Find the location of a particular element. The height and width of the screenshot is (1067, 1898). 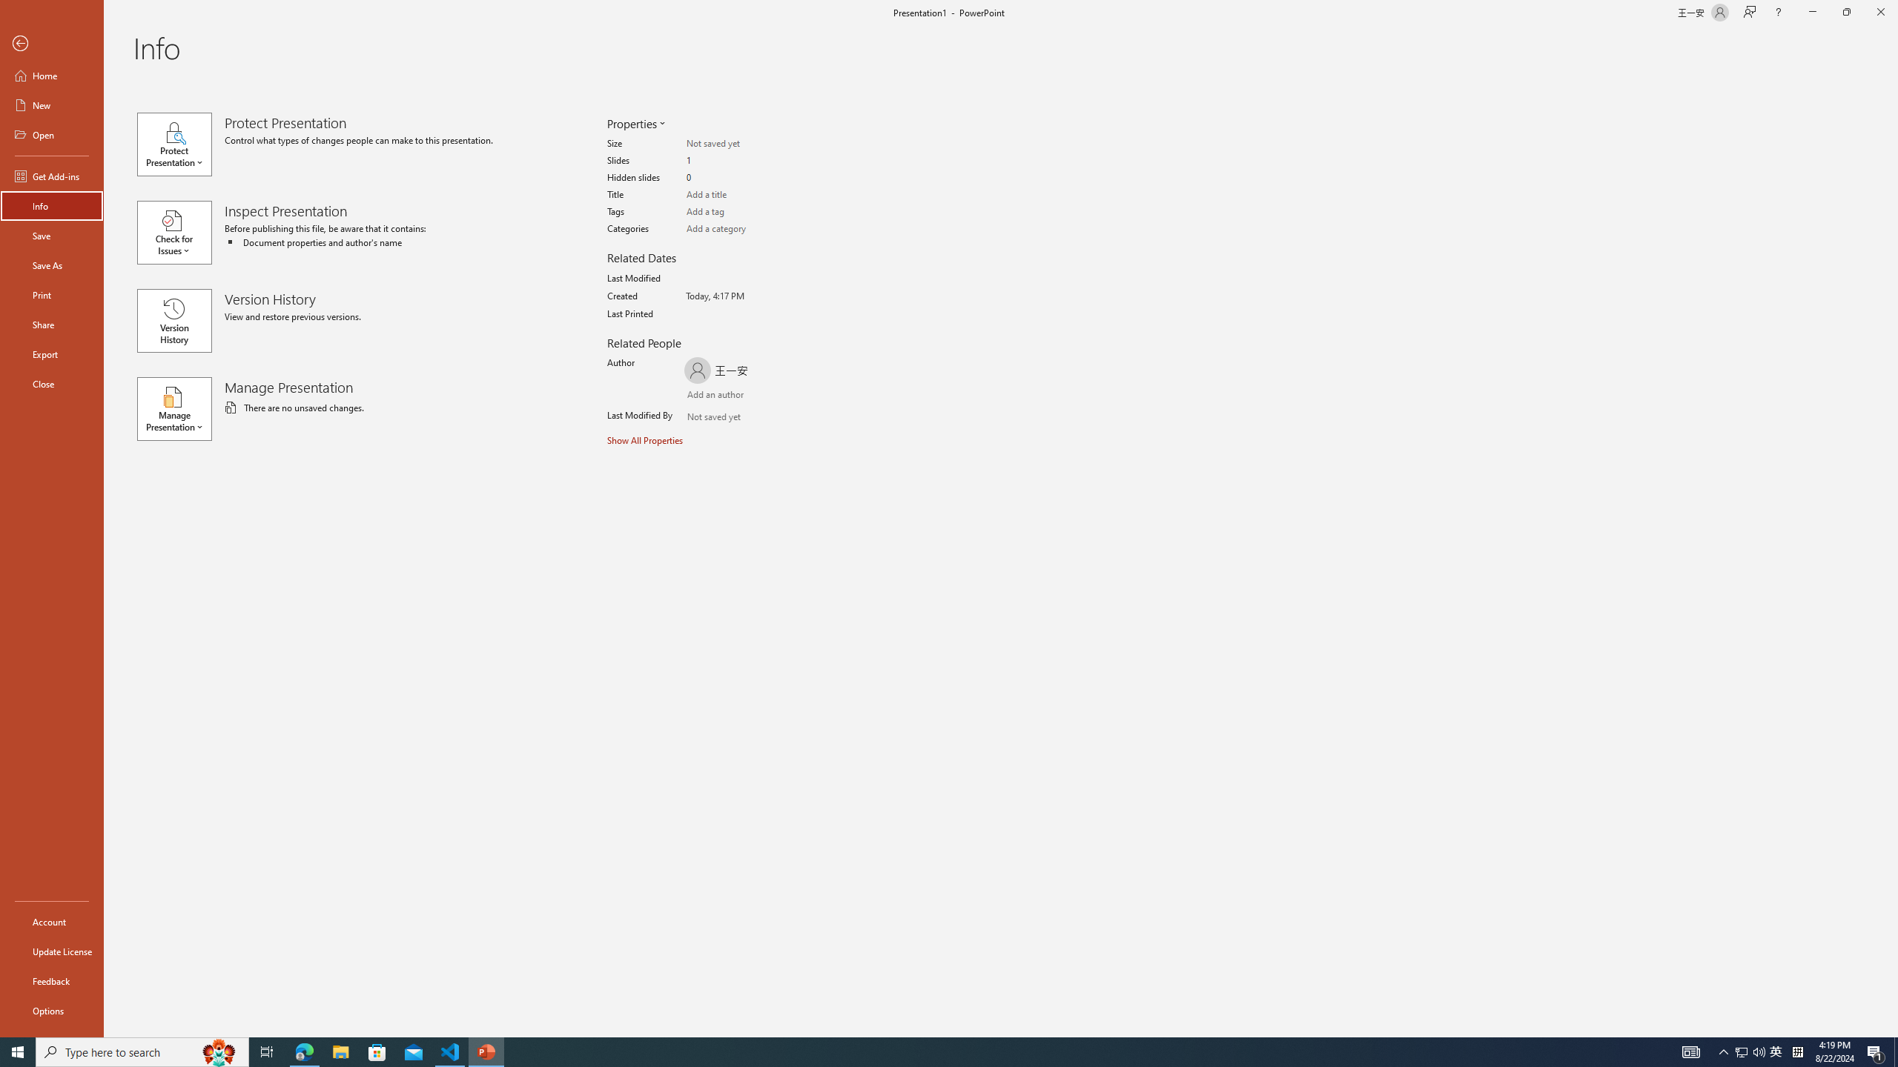

'Export' is located at coordinates (51, 354).